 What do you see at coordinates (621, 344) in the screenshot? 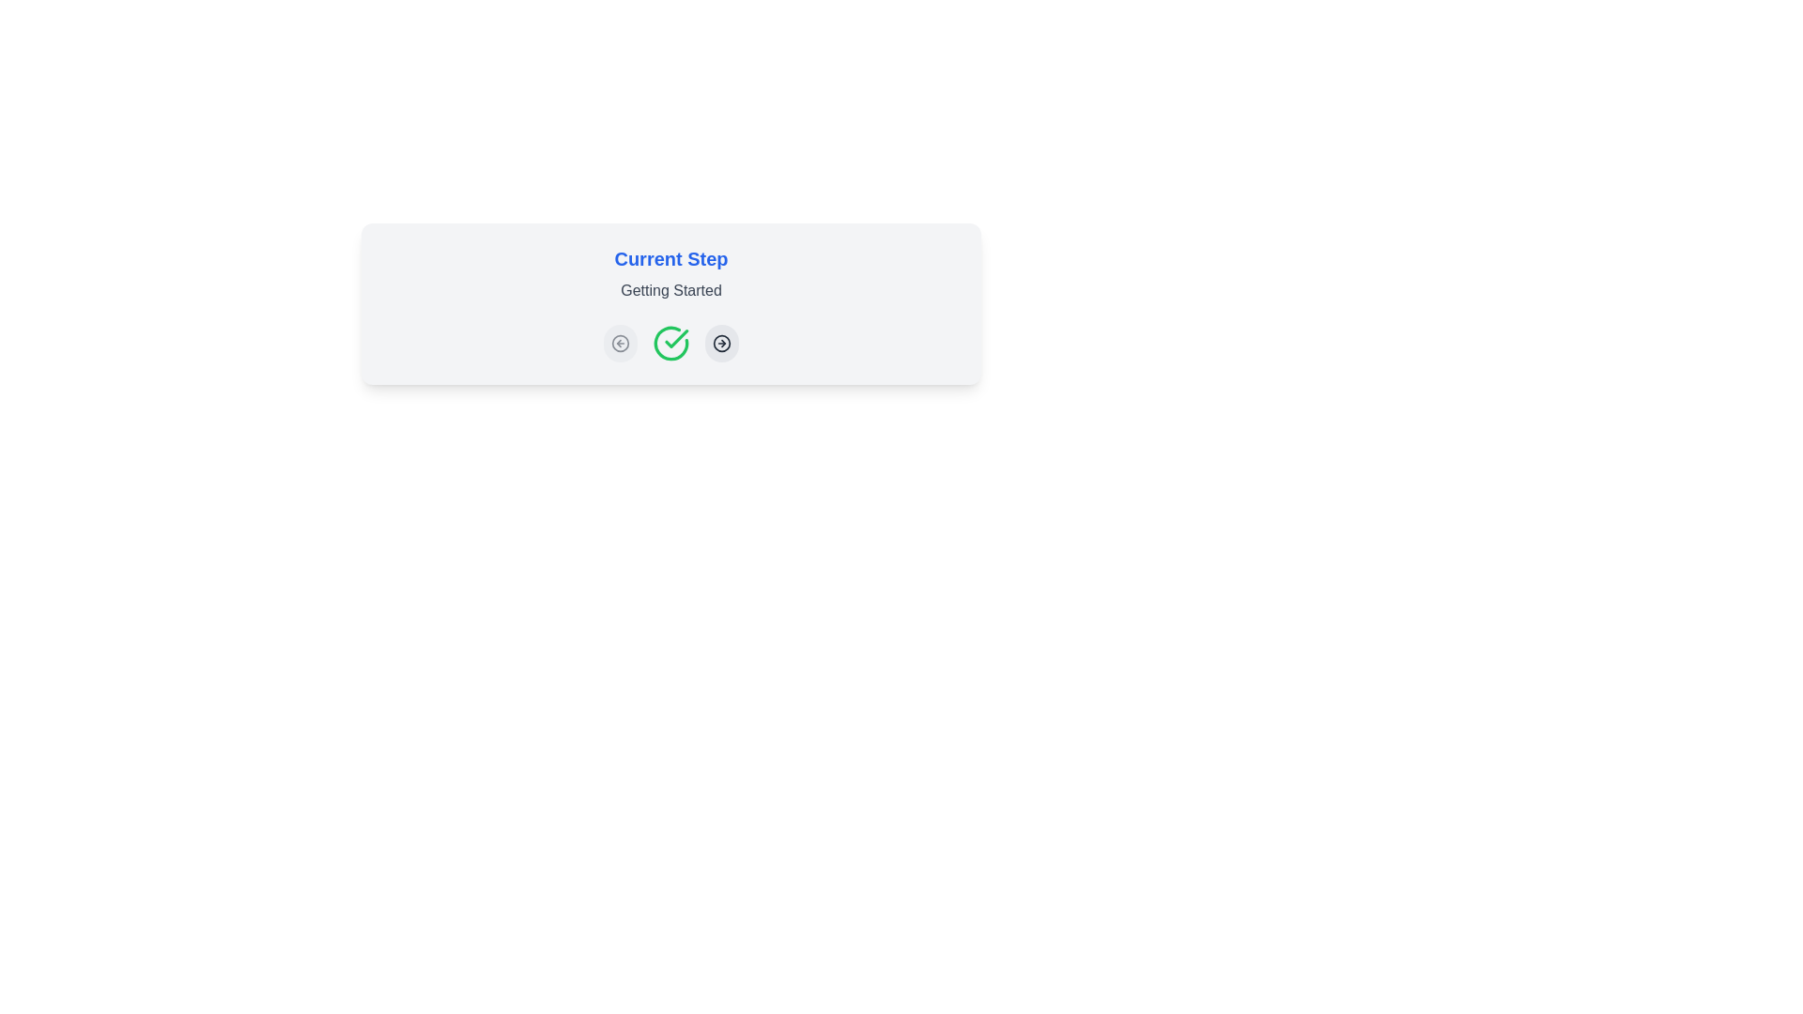
I see `the circular graphical element, which is at the center of a left-pointing circular arrow icon, located as the first of three interactive icons under the 'Current Step' heading` at bounding box center [621, 344].